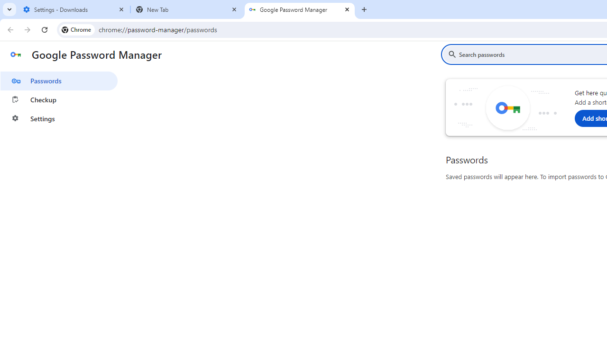  Describe the element at coordinates (74, 9) in the screenshot. I see `'Settings - Downloads'` at that location.